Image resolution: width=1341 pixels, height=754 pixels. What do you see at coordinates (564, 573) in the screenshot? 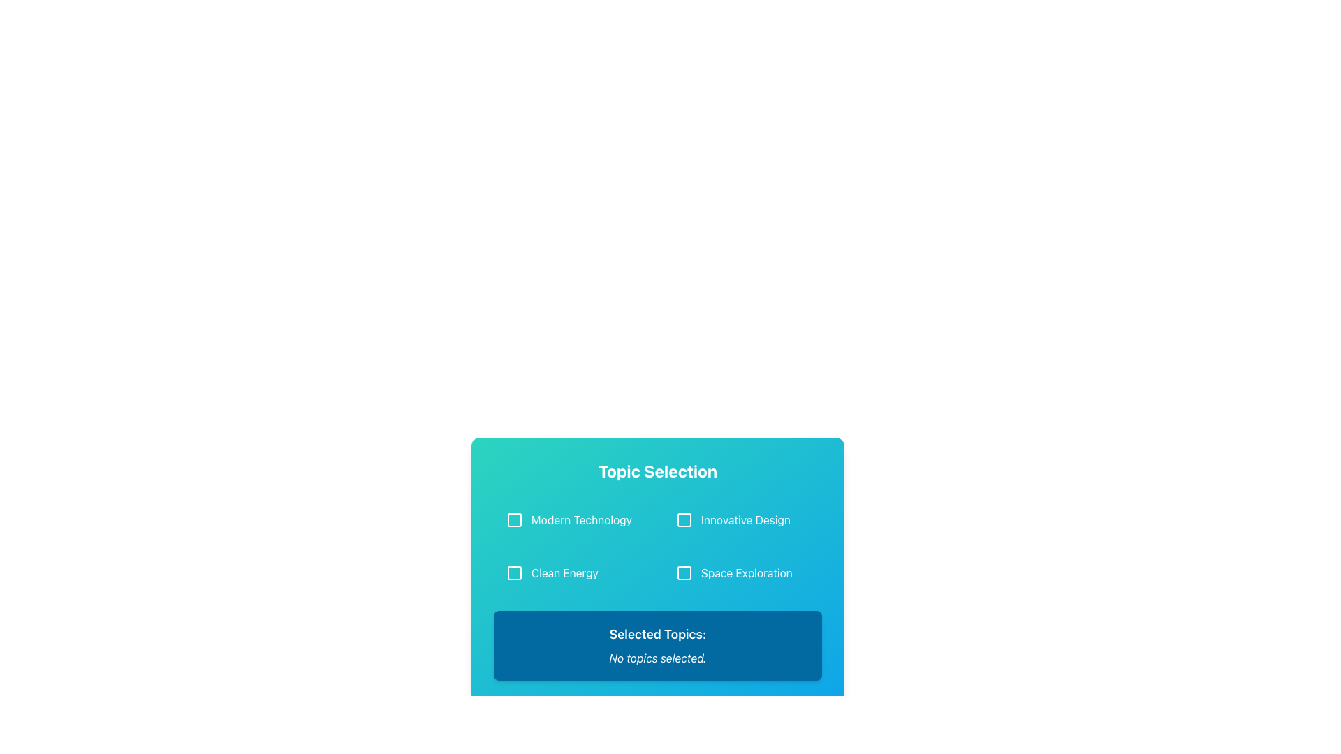
I see `the 'Clean Energy' text label, which is styled in white sans-serif font on a teal background, located within the 'Topic Selection' card as the third option in the list` at bounding box center [564, 573].